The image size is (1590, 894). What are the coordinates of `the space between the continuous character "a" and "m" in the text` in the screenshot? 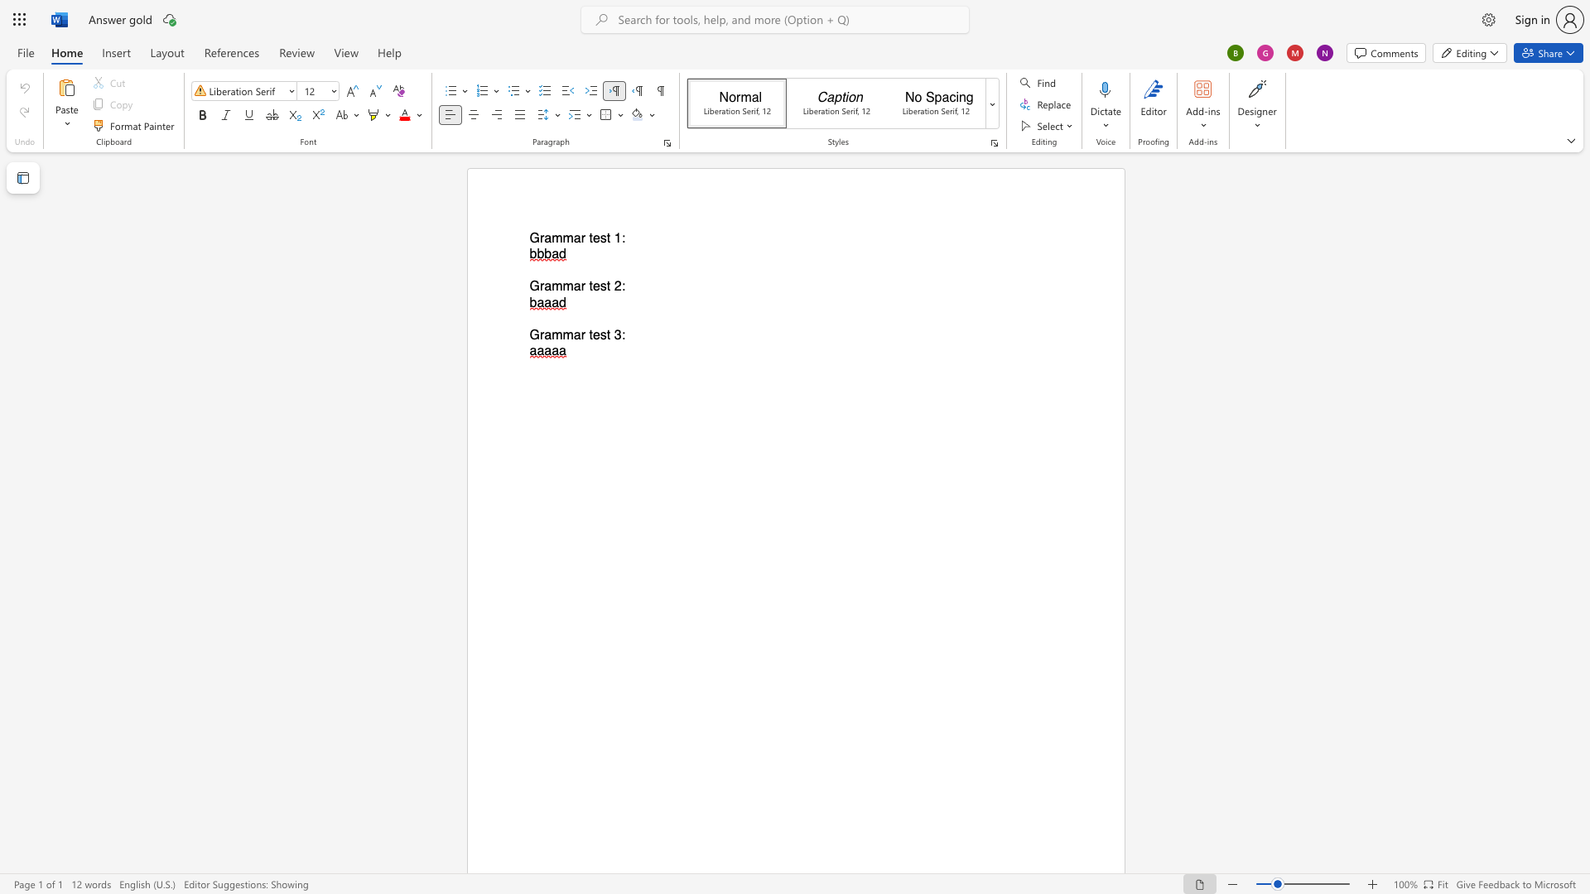 It's located at (552, 238).